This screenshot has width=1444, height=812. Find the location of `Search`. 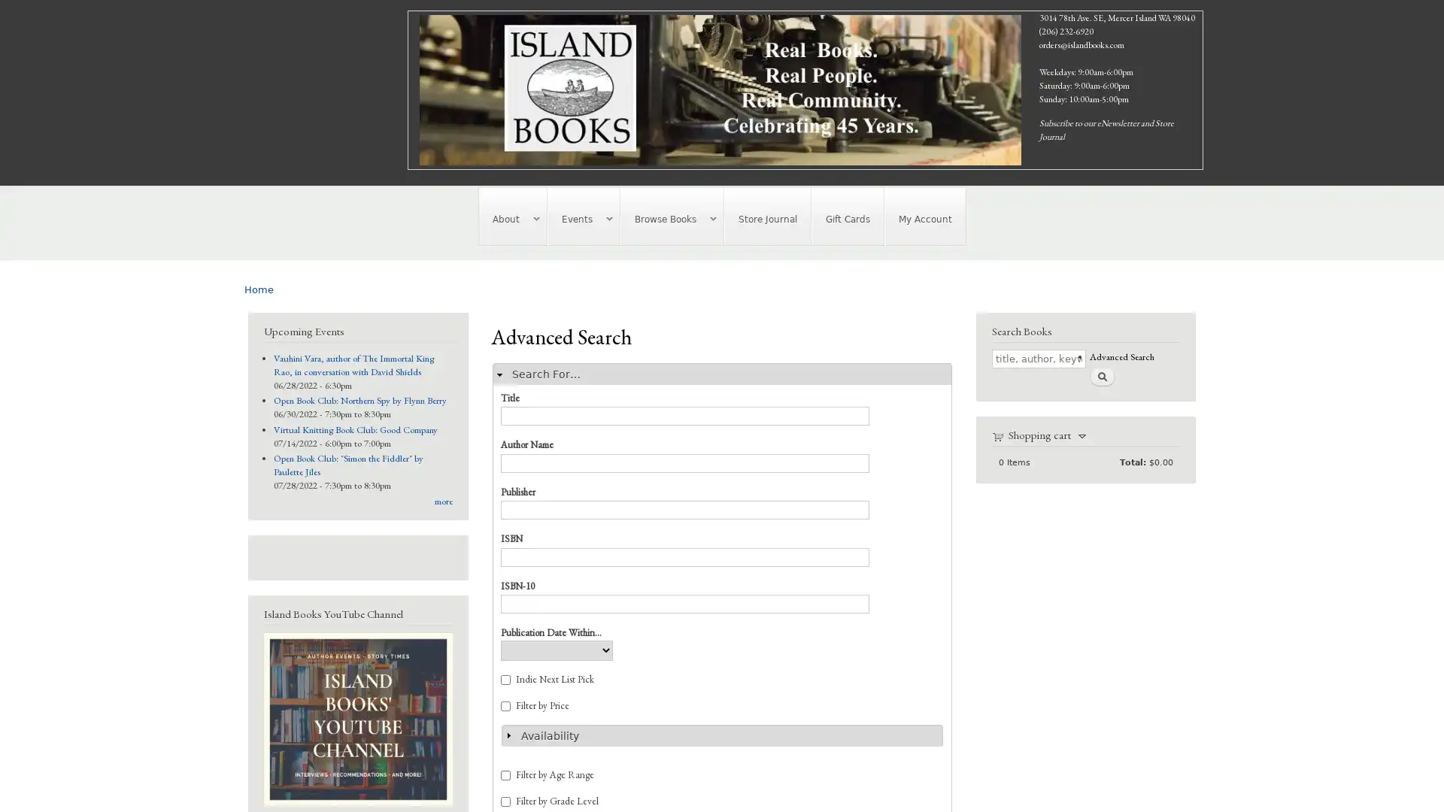

Search is located at coordinates (1101, 375).